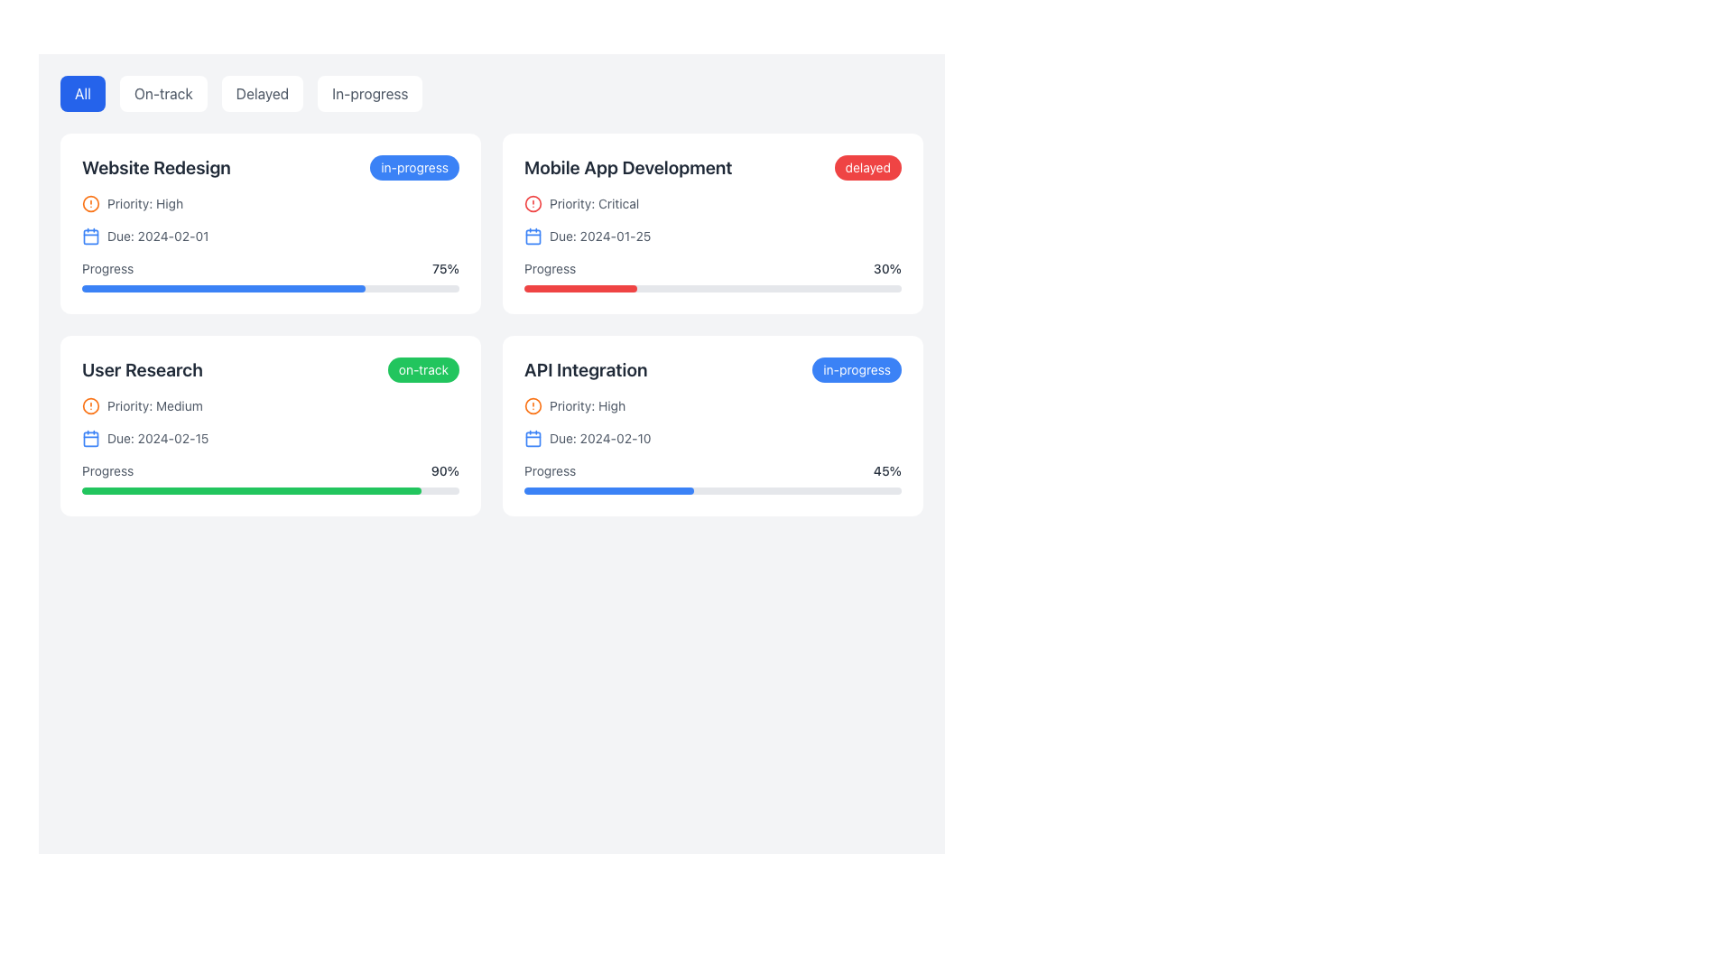  I want to click on the priority level indicated by the 'Critical' Informational Label with Icon located in the 'Mobile App Development' section, so click(712, 203).